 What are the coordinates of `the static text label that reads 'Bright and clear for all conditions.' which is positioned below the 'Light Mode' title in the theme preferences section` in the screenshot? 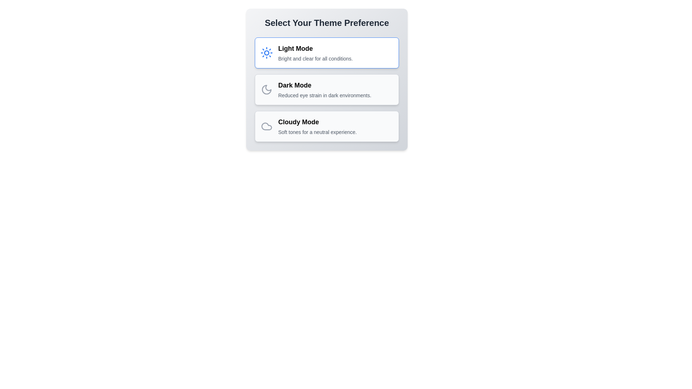 It's located at (315, 58).